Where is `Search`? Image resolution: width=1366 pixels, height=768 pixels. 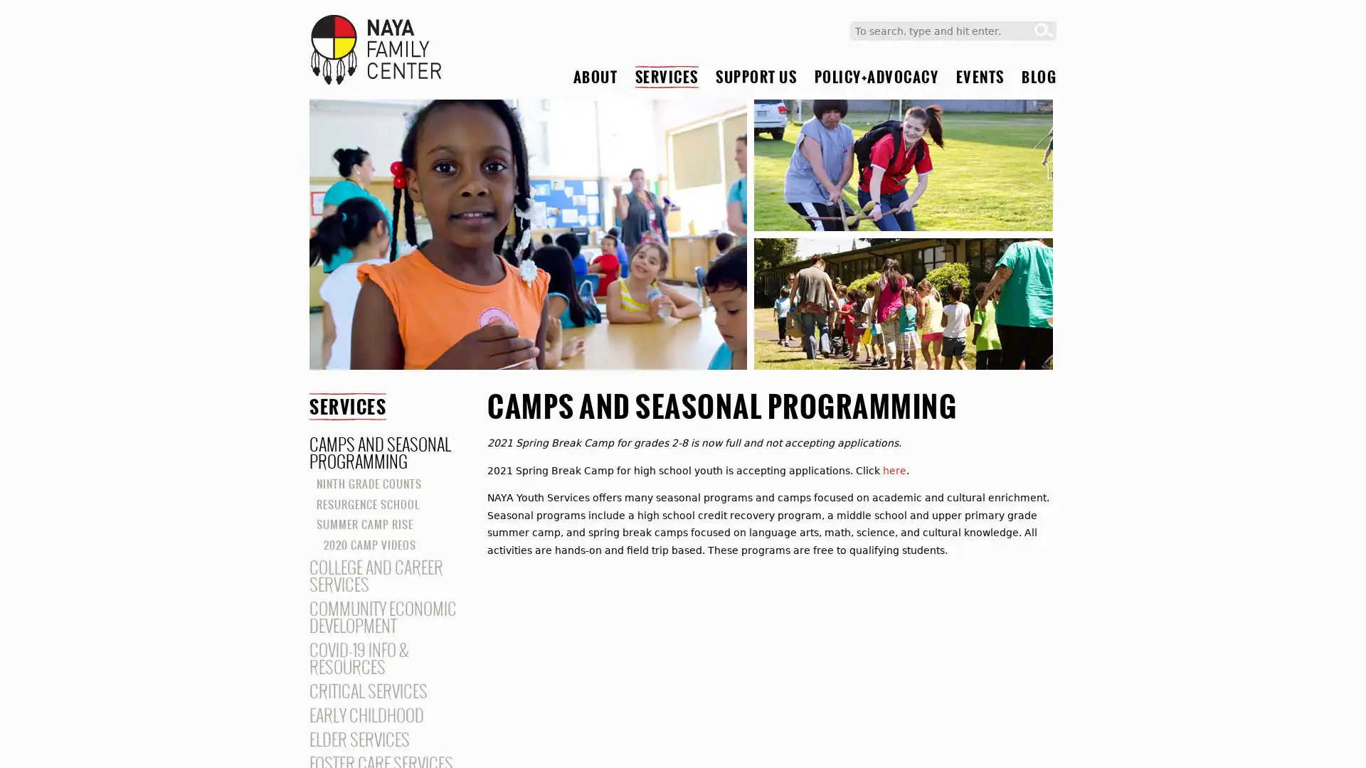
Search is located at coordinates (1044, 31).